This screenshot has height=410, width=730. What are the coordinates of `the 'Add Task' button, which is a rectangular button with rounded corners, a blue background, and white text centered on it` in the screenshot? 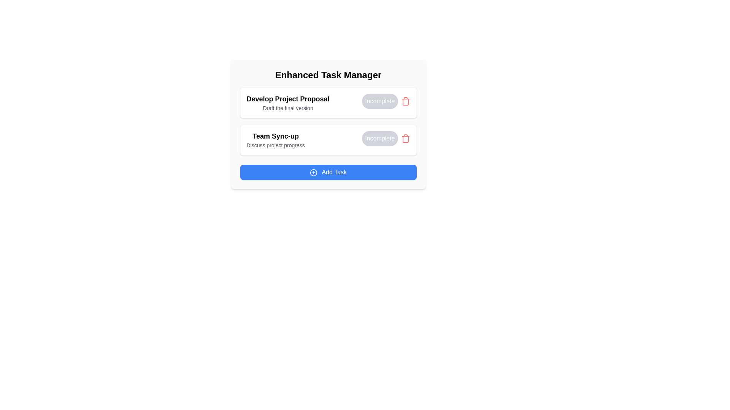 It's located at (328, 172).